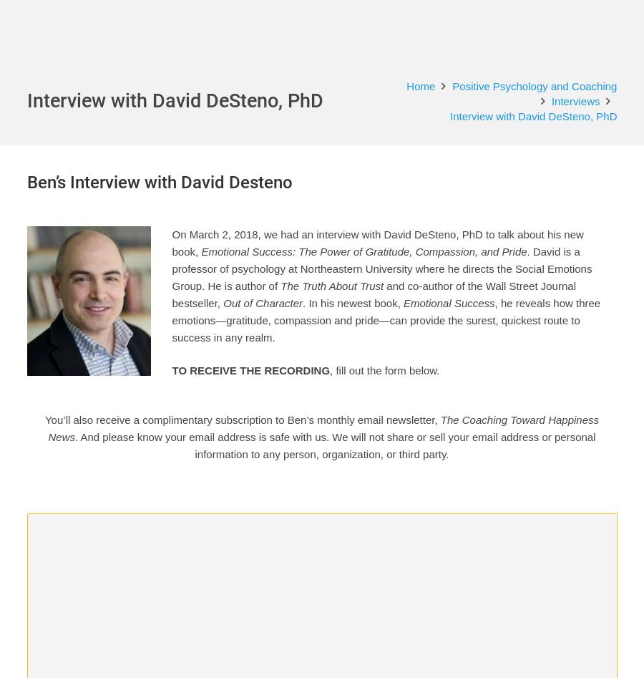  Describe the element at coordinates (203, 412) in the screenshot. I see `'aren’t enough. Instead, three emotions are the secret to getting things'` at that location.